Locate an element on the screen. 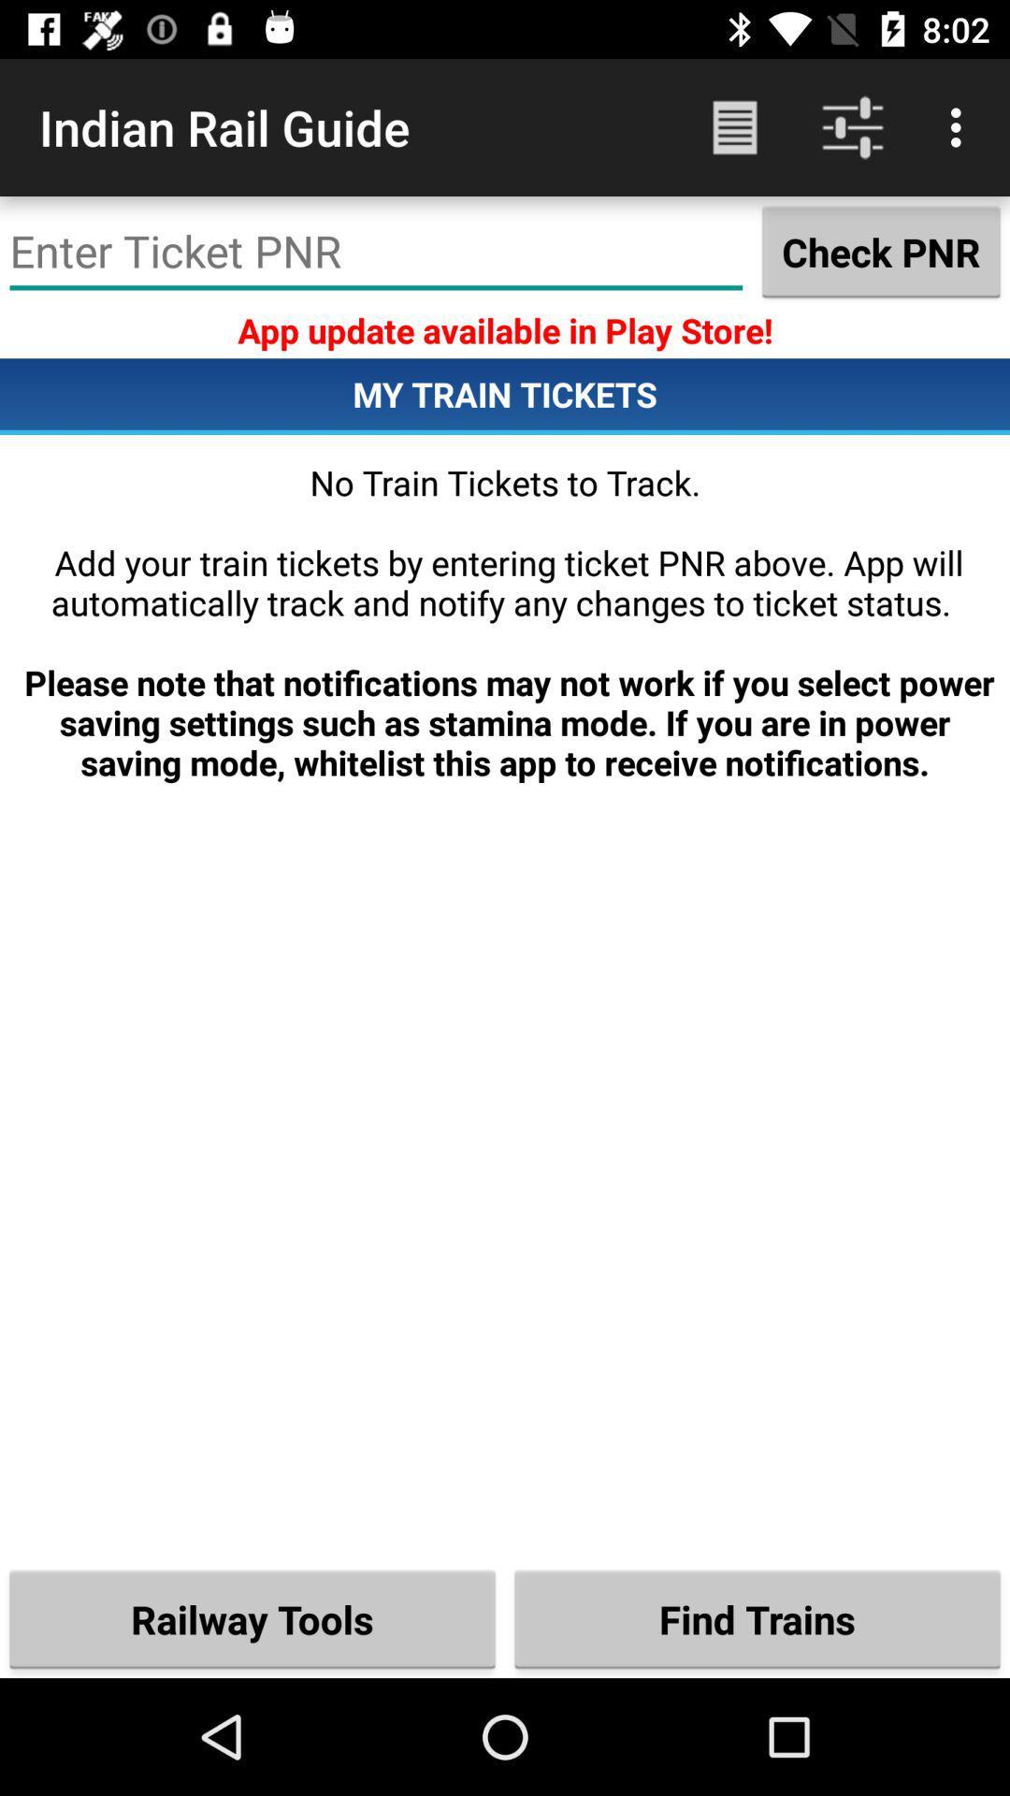 This screenshot has width=1010, height=1796. item next to railway tools is located at coordinates (757, 1618).